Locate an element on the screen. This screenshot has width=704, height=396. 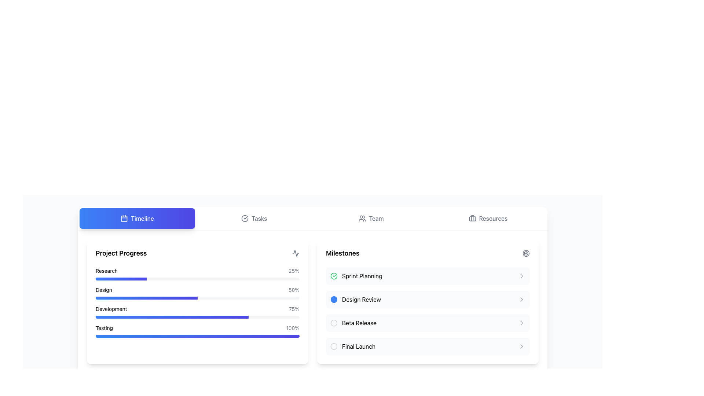
the third milestone label with icon in the 'Milestones' section is located at coordinates (353, 322).